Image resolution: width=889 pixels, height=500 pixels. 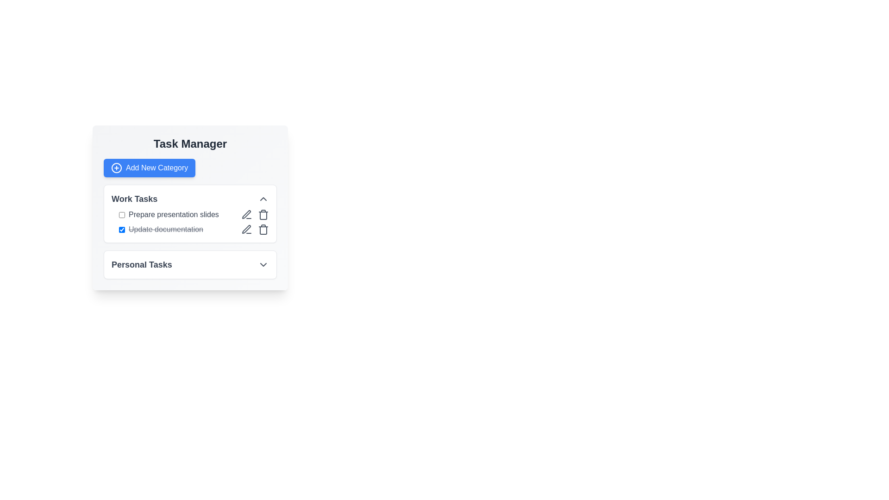 I want to click on the checkbox, so click(x=169, y=214).